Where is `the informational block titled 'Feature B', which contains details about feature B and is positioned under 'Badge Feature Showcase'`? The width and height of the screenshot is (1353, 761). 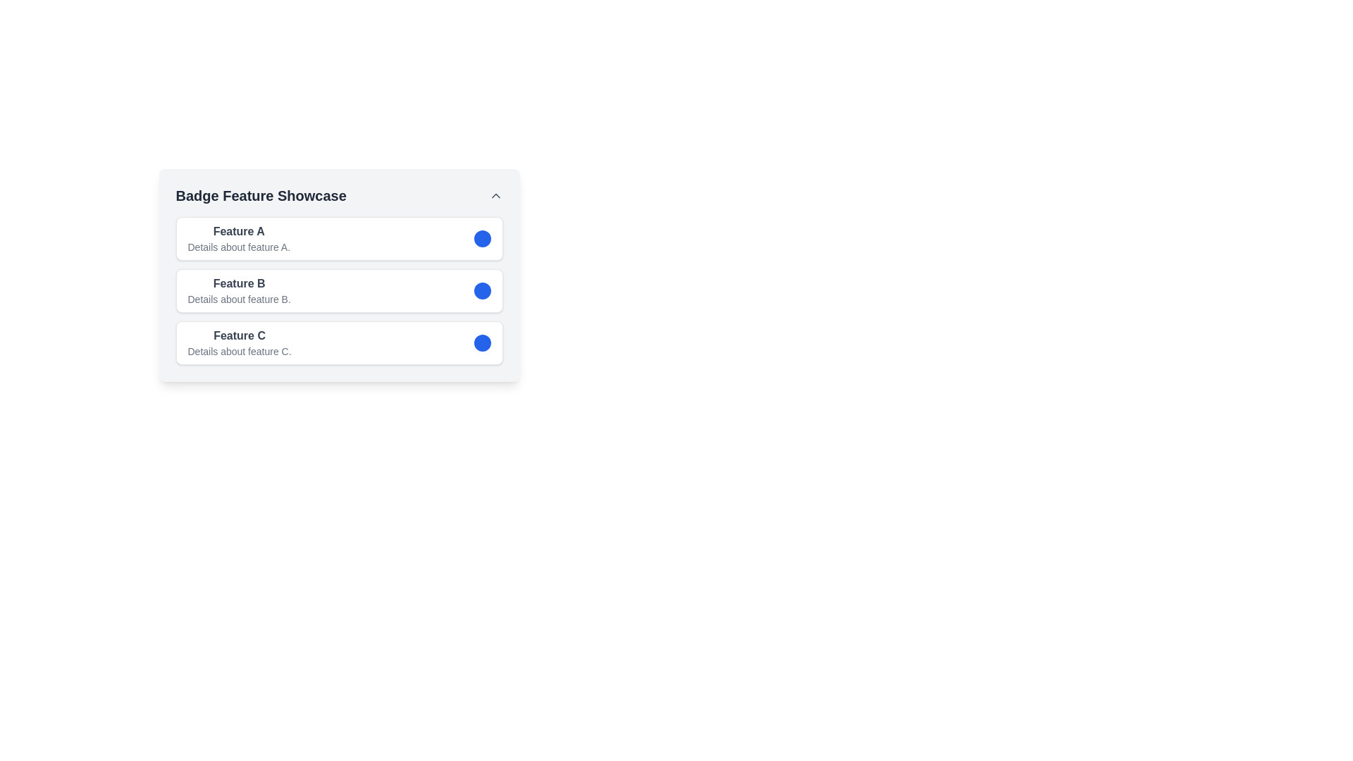 the informational block titled 'Feature B', which contains details about feature B and is positioned under 'Badge Feature Showcase' is located at coordinates (239, 290).